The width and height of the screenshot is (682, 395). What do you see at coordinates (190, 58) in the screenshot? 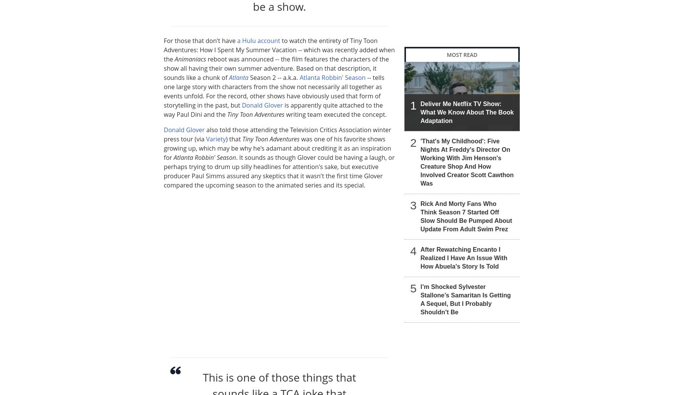
I see `'Animaniacs'` at bounding box center [190, 58].